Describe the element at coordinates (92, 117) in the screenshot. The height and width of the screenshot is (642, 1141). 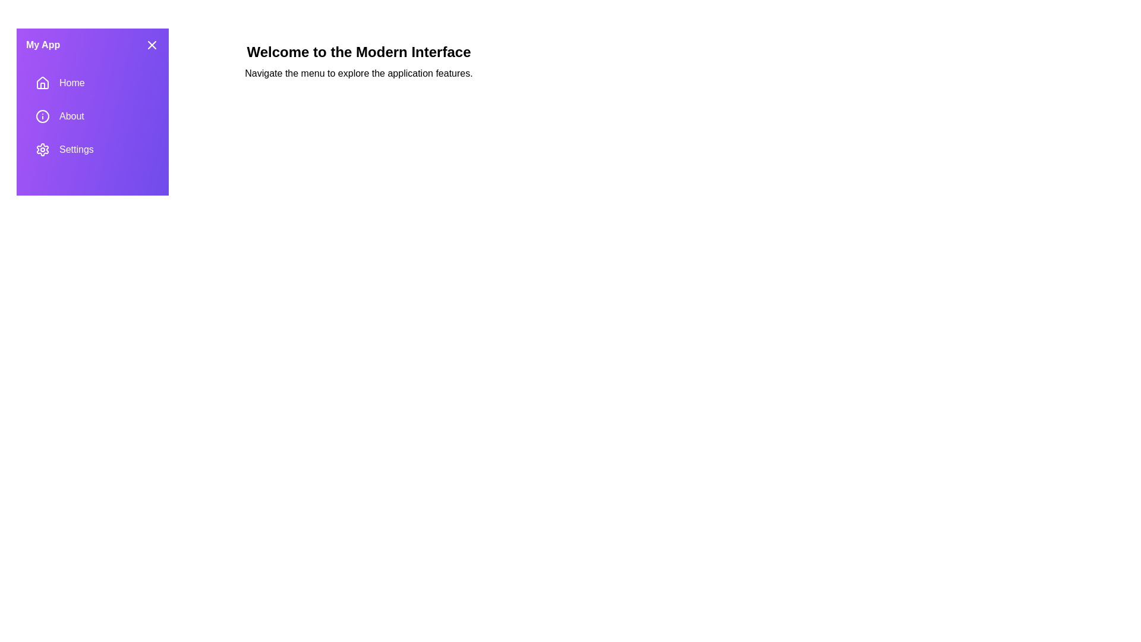
I see `the 'About' section in the drawer` at that location.